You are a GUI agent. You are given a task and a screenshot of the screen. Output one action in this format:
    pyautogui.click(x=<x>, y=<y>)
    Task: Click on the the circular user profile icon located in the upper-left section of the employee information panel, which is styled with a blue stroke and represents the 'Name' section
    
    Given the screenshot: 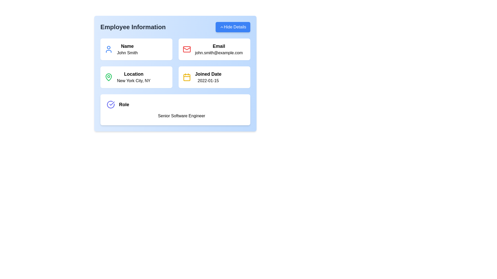 What is the action you would take?
    pyautogui.click(x=108, y=48)
    